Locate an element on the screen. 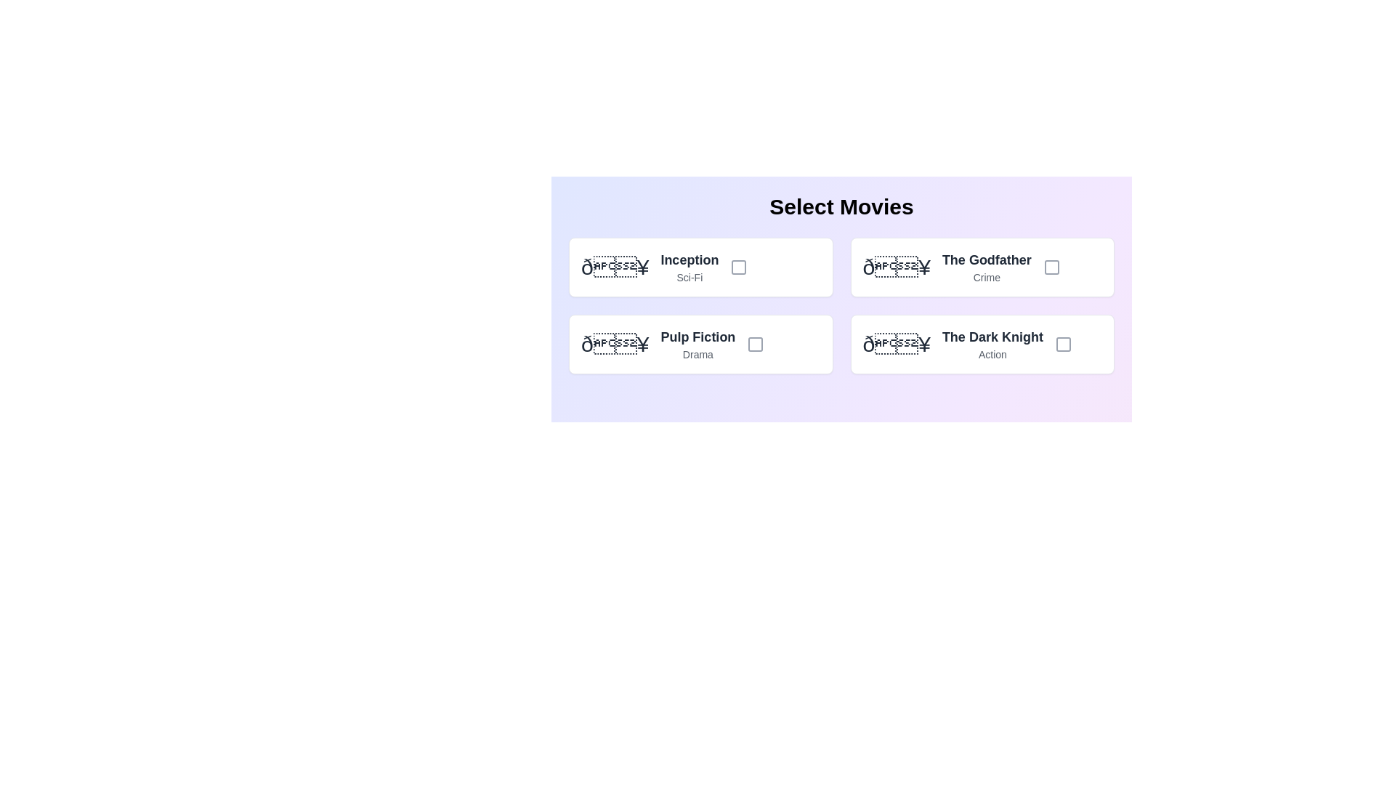 The width and height of the screenshot is (1395, 785). the movie card for The Dark Knight to select or deselect it is located at coordinates (982, 345).